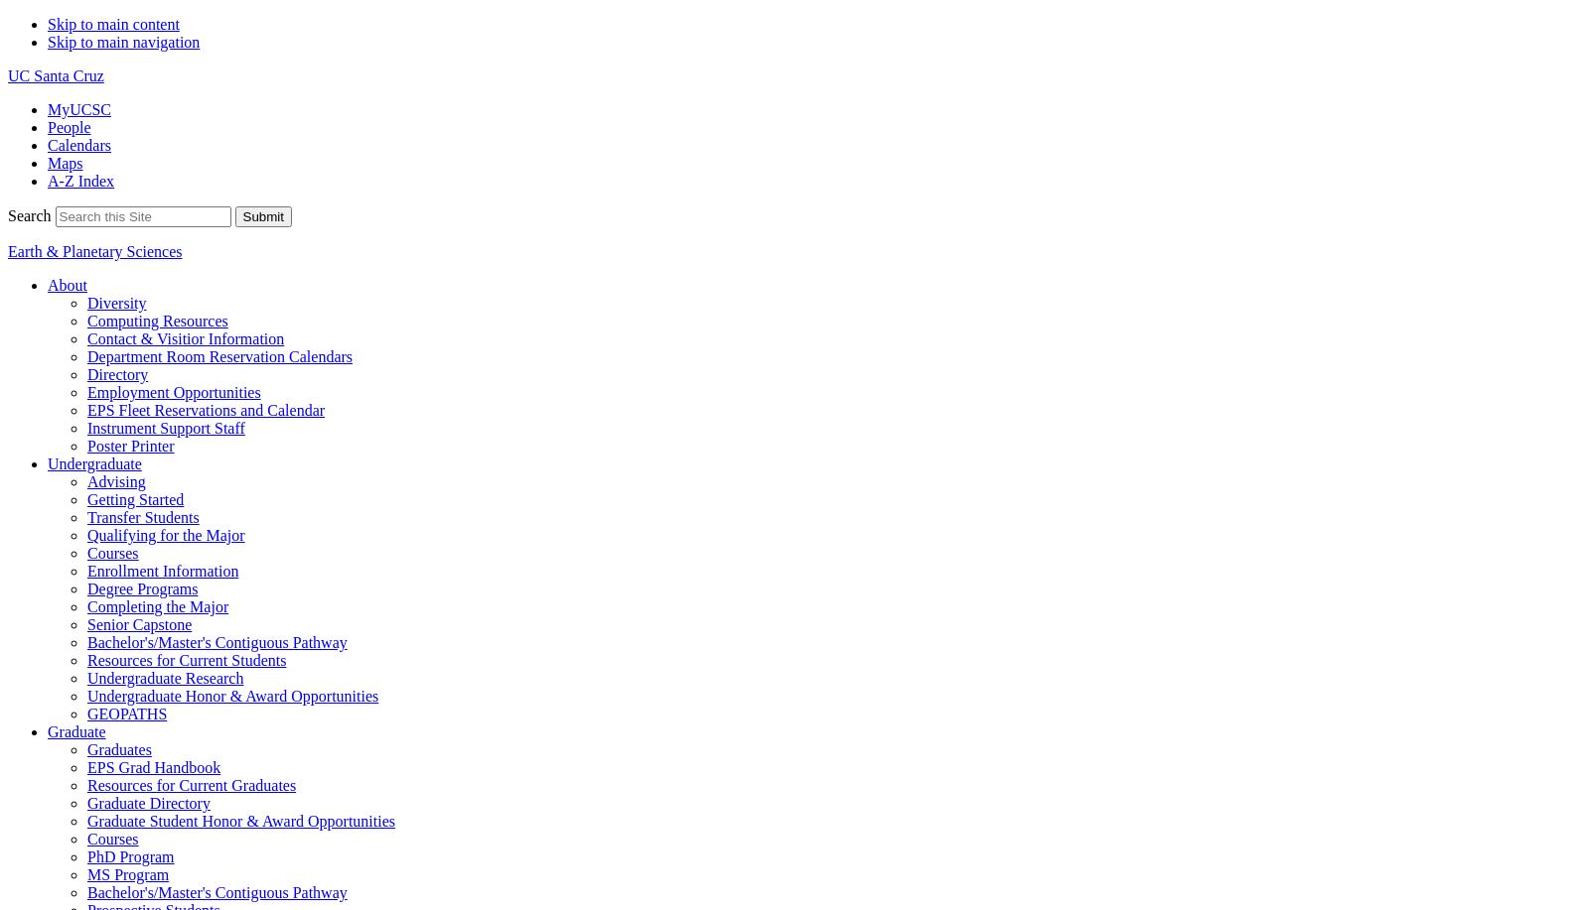 This screenshot has height=910, width=1589. I want to click on 'Poster Printer', so click(129, 446).